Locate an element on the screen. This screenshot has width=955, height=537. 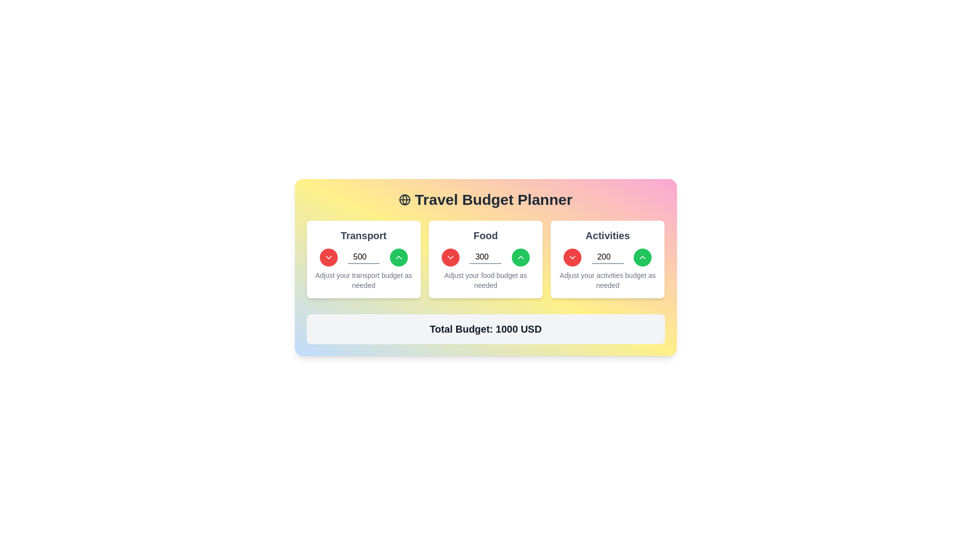
the Text and Icon Label displaying 'Travel Budget Planner' with a globe icon on a gradient background is located at coordinates (485, 199).